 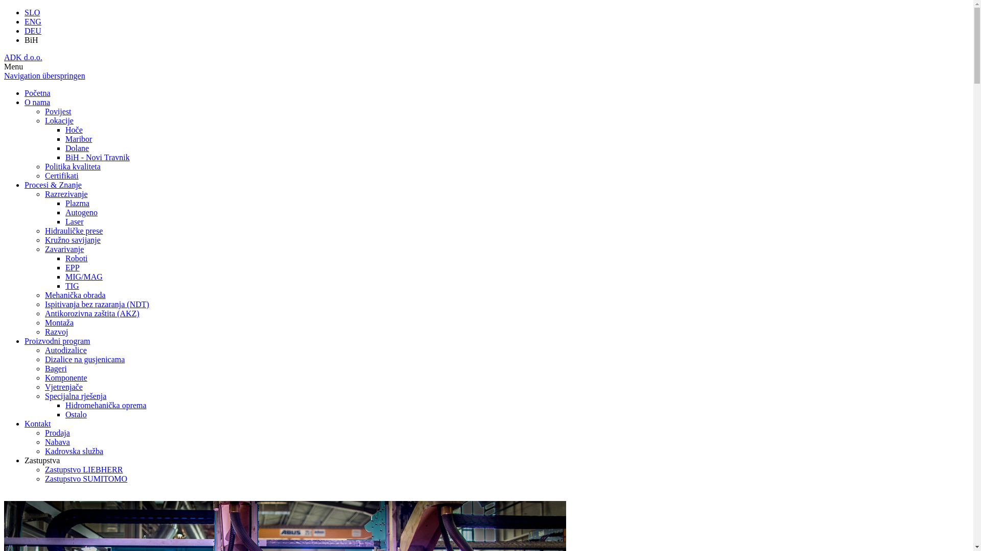 What do you see at coordinates (44, 120) in the screenshot?
I see `'Lokacije'` at bounding box center [44, 120].